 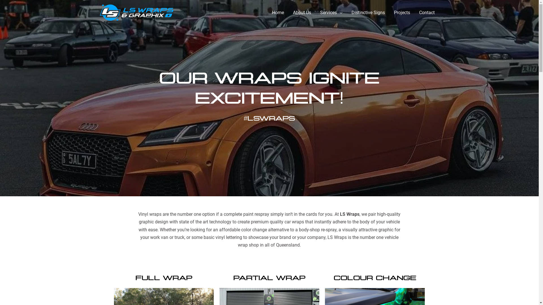 What do you see at coordinates (368, 13) in the screenshot?
I see `'Distinctive Signs'` at bounding box center [368, 13].